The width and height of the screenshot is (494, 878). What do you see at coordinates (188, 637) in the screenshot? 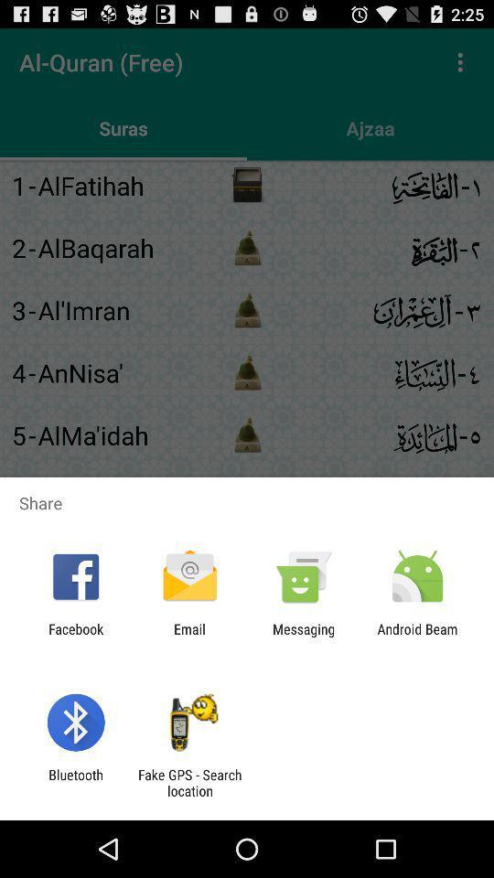
I see `the icon next to the messaging item` at bounding box center [188, 637].